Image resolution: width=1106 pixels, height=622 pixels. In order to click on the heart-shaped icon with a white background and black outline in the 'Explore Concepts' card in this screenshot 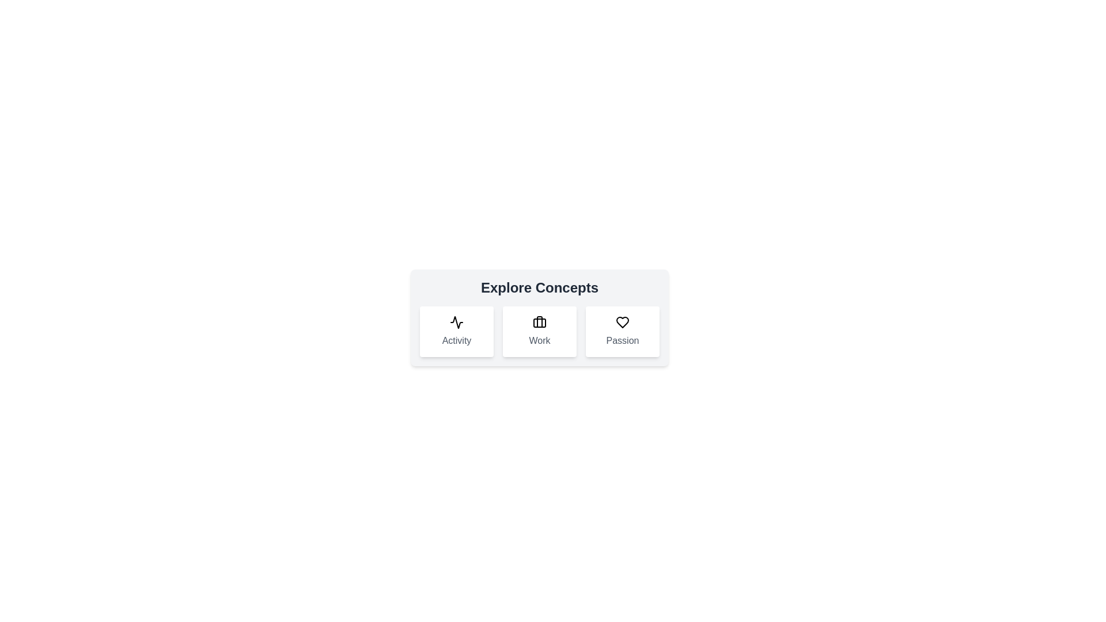, I will do `click(622, 322)`.